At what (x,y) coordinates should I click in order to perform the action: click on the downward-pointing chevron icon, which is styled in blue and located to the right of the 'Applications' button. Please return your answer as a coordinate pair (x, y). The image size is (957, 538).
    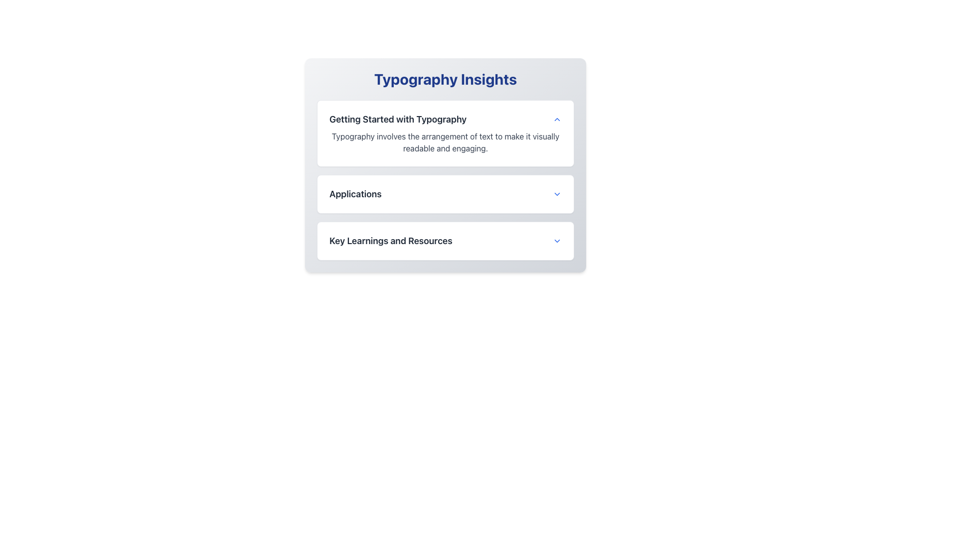
    Looking at the image, I should click on (557, 194).